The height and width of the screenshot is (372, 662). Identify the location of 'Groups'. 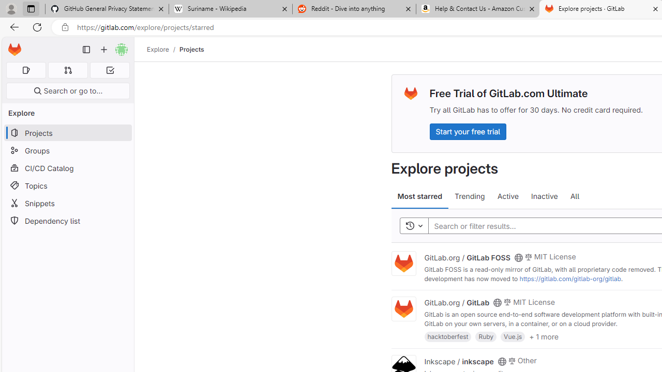
(67, 150).